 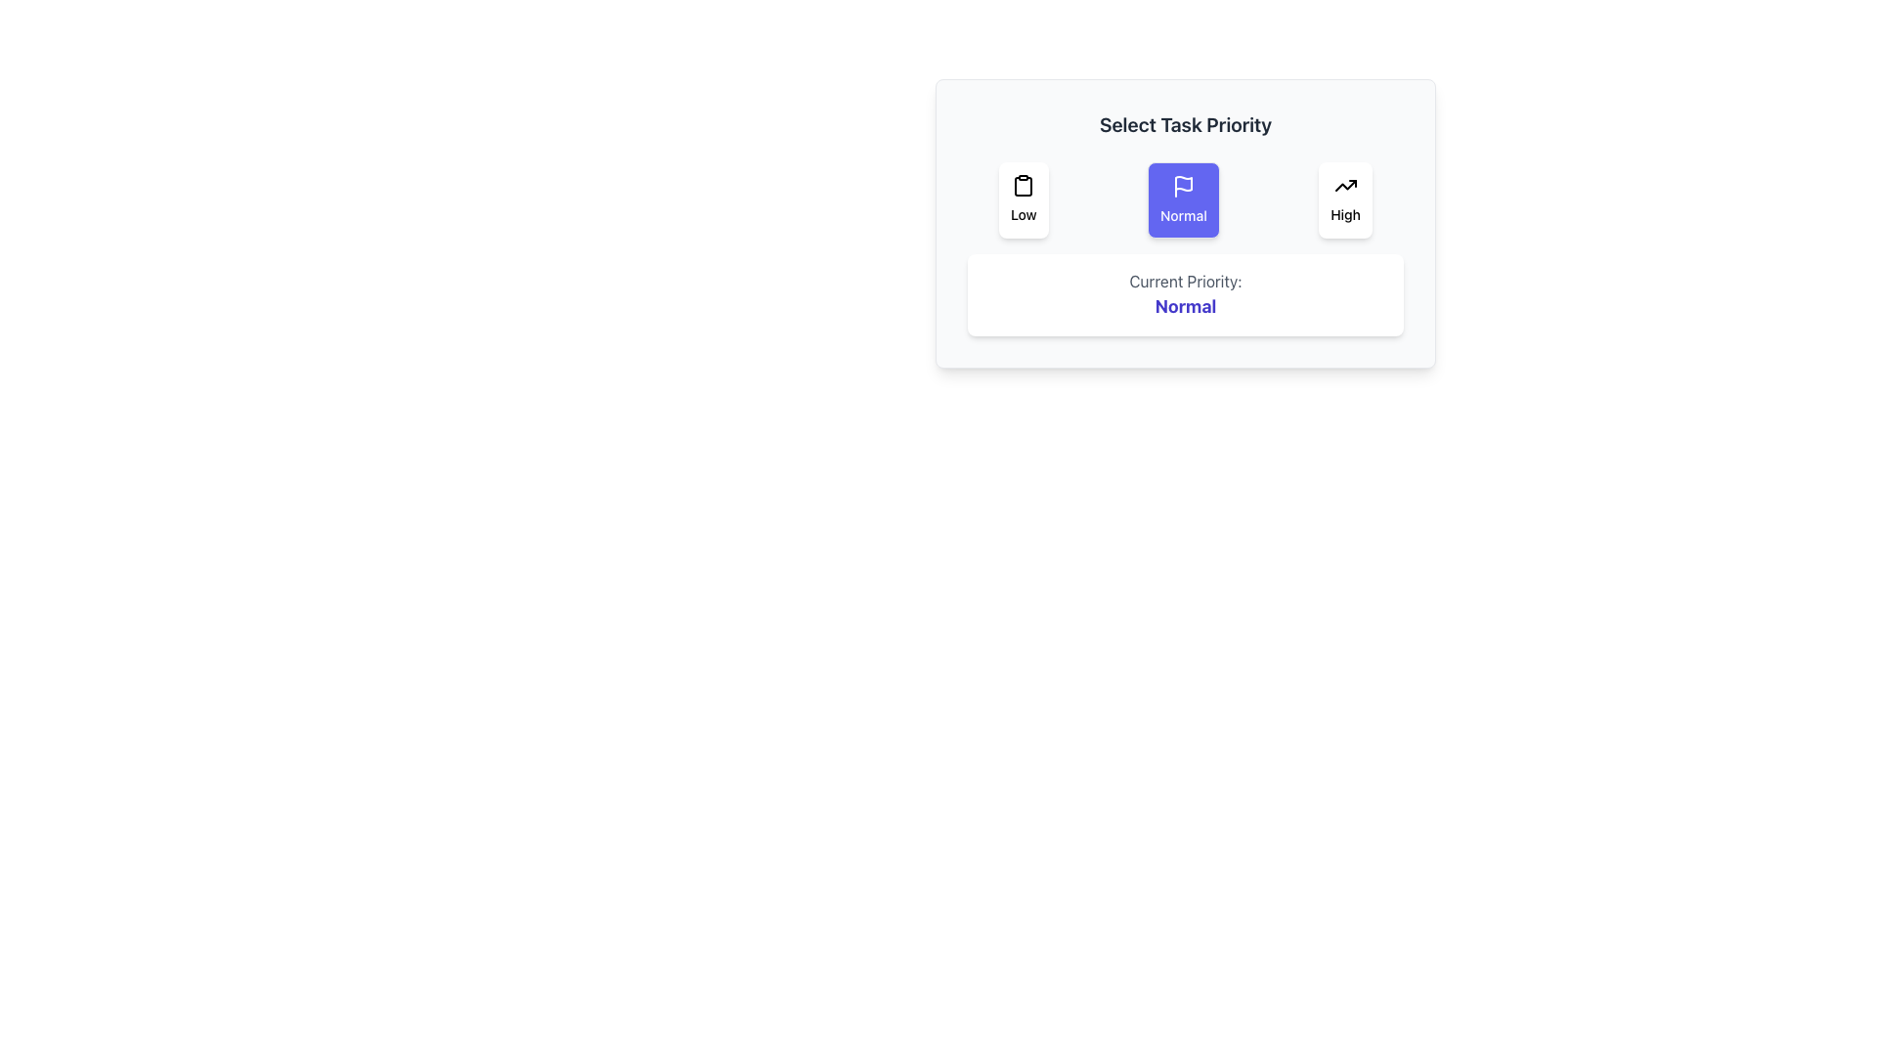 What do you see at coordinates (1182, 199) in the screenshot?
I see `the 'Normal' priority level button in the task priority selection interface` at bounding box center [1182, 199].